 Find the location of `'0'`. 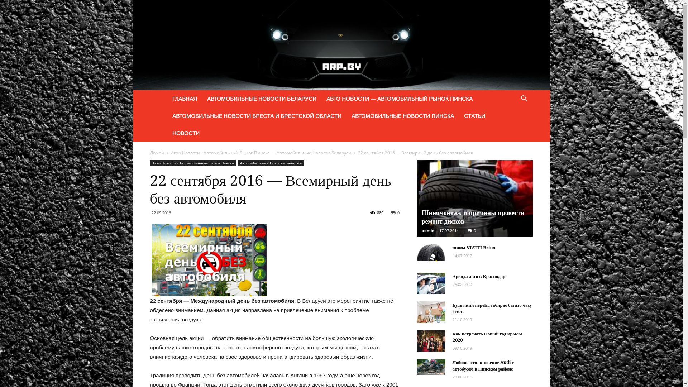

'0' is located at coordinates (471, 230).